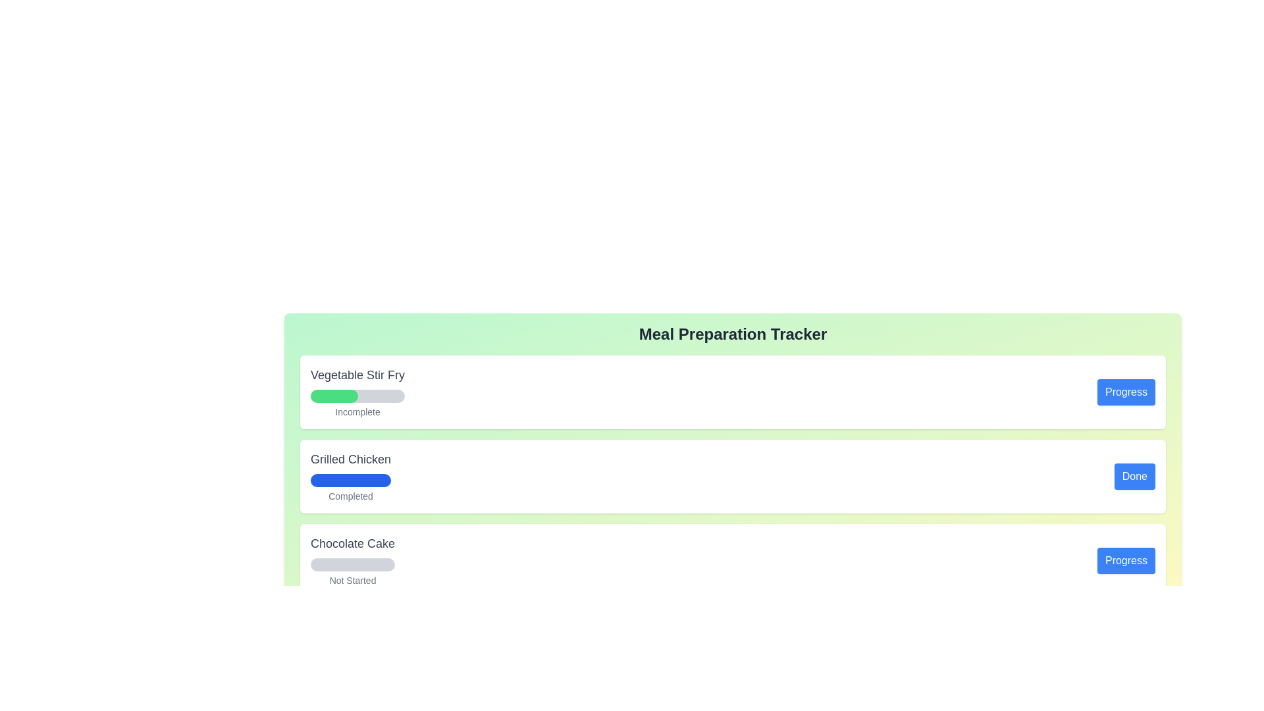  What do you see at coordinates (353, 543) in the screenshot?
I see `the Text Label that identifies the task or item, specifically the one labeled 'Chocolate Cake' located at the upper part of the list block` at bounding box center [353, 543].